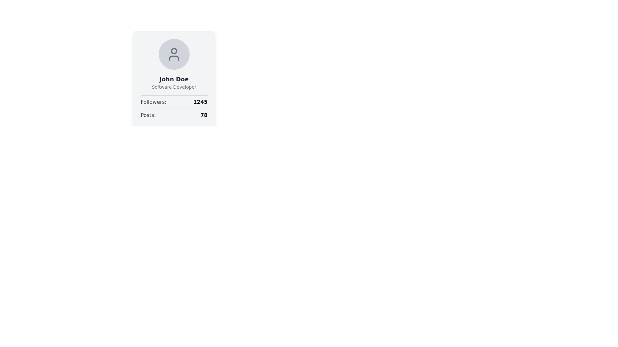  Describe the element at coordinates (174, 54) in the screenshot. I see `the user icon, which is a gray SVG representation of a user with a circular head and shoulder outline, located at the center of a rounded rectangle card above the text 'John Doe'` at that location.